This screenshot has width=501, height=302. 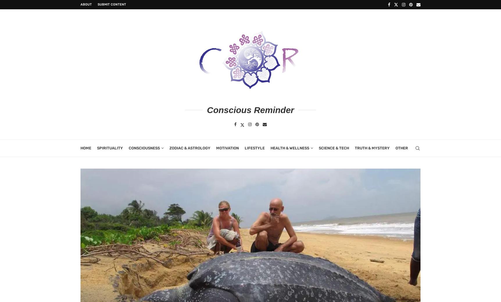 What do you see at coordinates (97, 147) in the screenshot?
I see `'Spirituality'` at bounding box center [97, 147].